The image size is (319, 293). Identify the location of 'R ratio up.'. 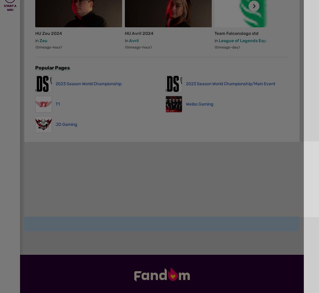
(36, 27).